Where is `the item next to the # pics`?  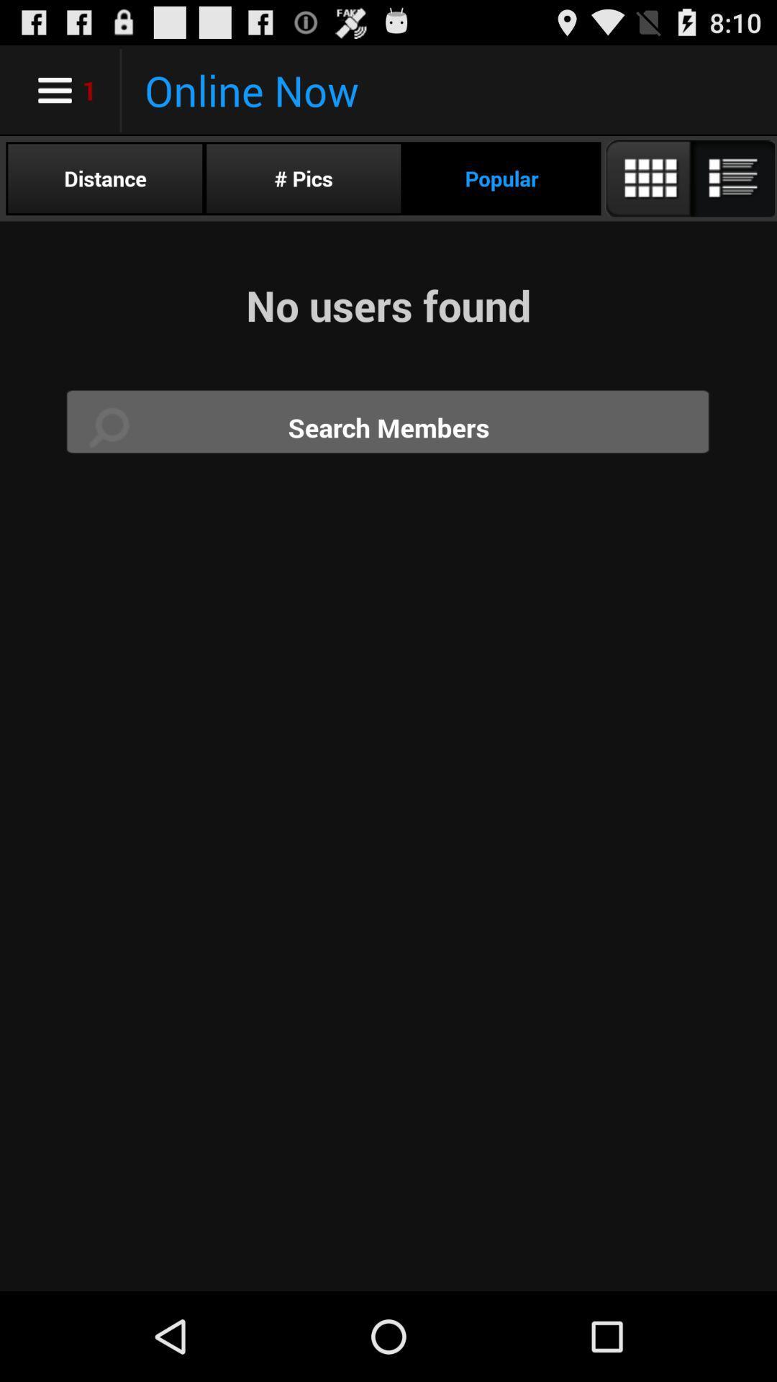
the item next to the # pics is located at coordinates (104, 178).